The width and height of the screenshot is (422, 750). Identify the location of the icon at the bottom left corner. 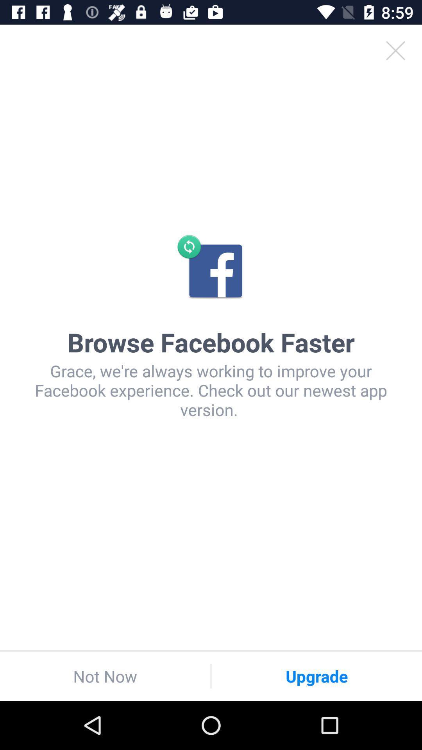
(105, 676).